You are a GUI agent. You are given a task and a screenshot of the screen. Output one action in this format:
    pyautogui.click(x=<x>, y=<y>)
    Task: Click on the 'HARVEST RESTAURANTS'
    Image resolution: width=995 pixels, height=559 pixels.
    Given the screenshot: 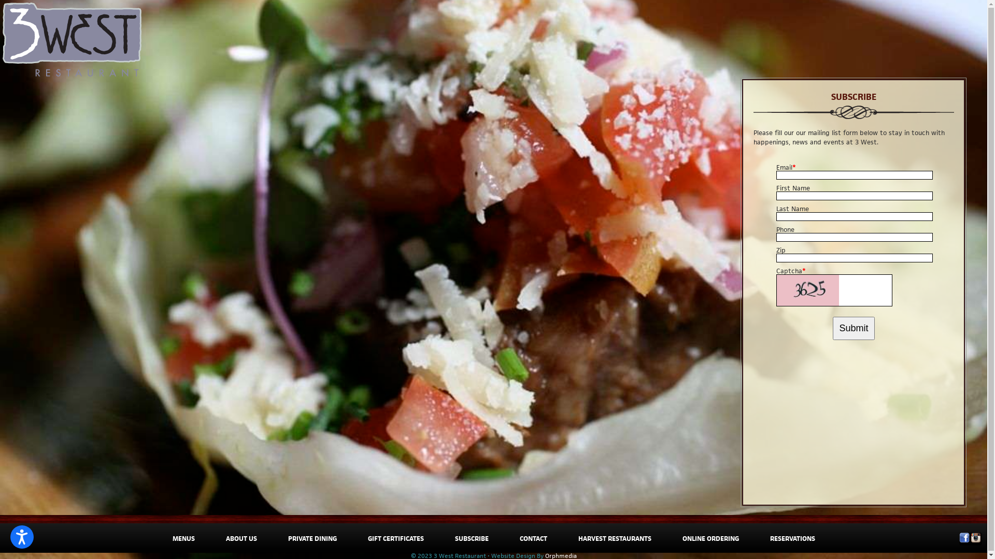 What is the action you would take?
    pyautogui.click(x=578, y=538)
    